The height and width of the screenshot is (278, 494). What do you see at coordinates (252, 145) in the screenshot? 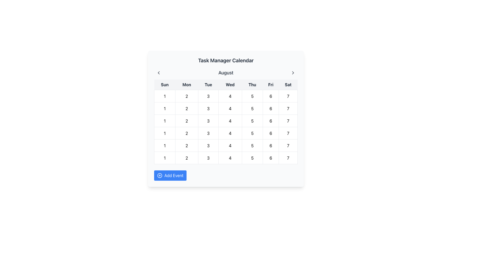
I see `the Calendar Day Cell representing the number '5'` at bounding box center [252, 145].